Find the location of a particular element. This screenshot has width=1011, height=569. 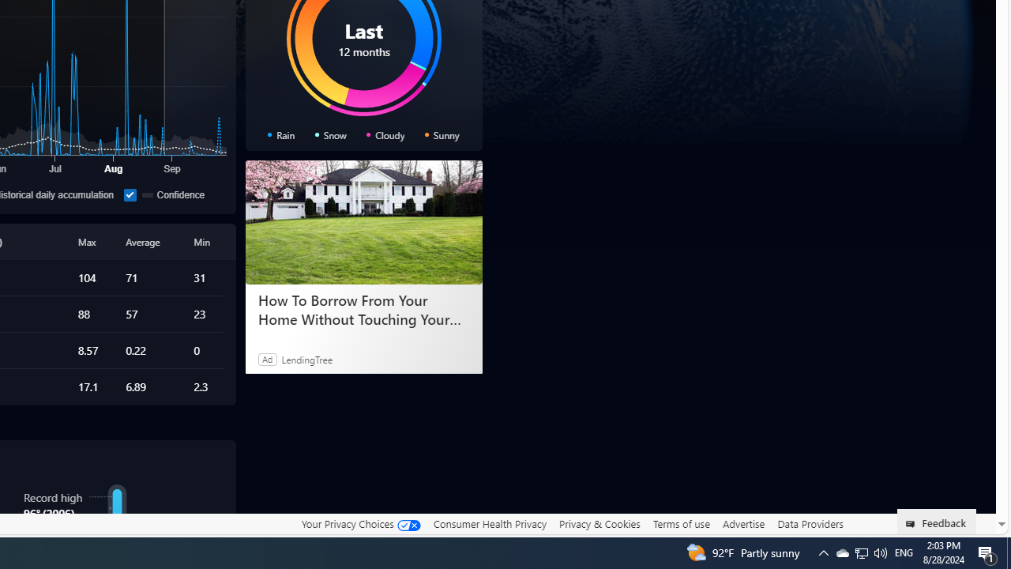

'Data Providers' is located at coordinates (810, 524).